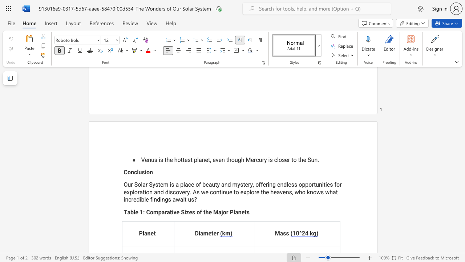 The image size is (465, 262). I want to click on the subset text "tive Sizes of the Major Planet" within the text "Table 1: Comparative Sizes of the Major Planets", so click(169, 212).